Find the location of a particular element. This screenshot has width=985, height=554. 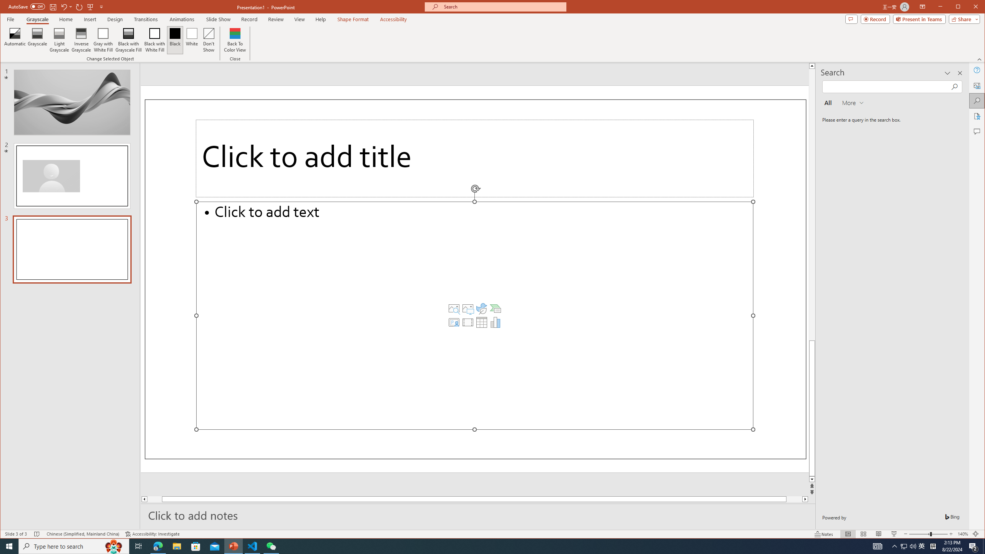

'AutoSave' is located at coordinates (27, 6).